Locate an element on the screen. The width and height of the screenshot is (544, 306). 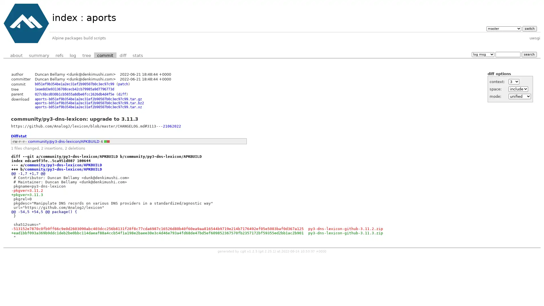
switch is located at coordinates (529, 28).